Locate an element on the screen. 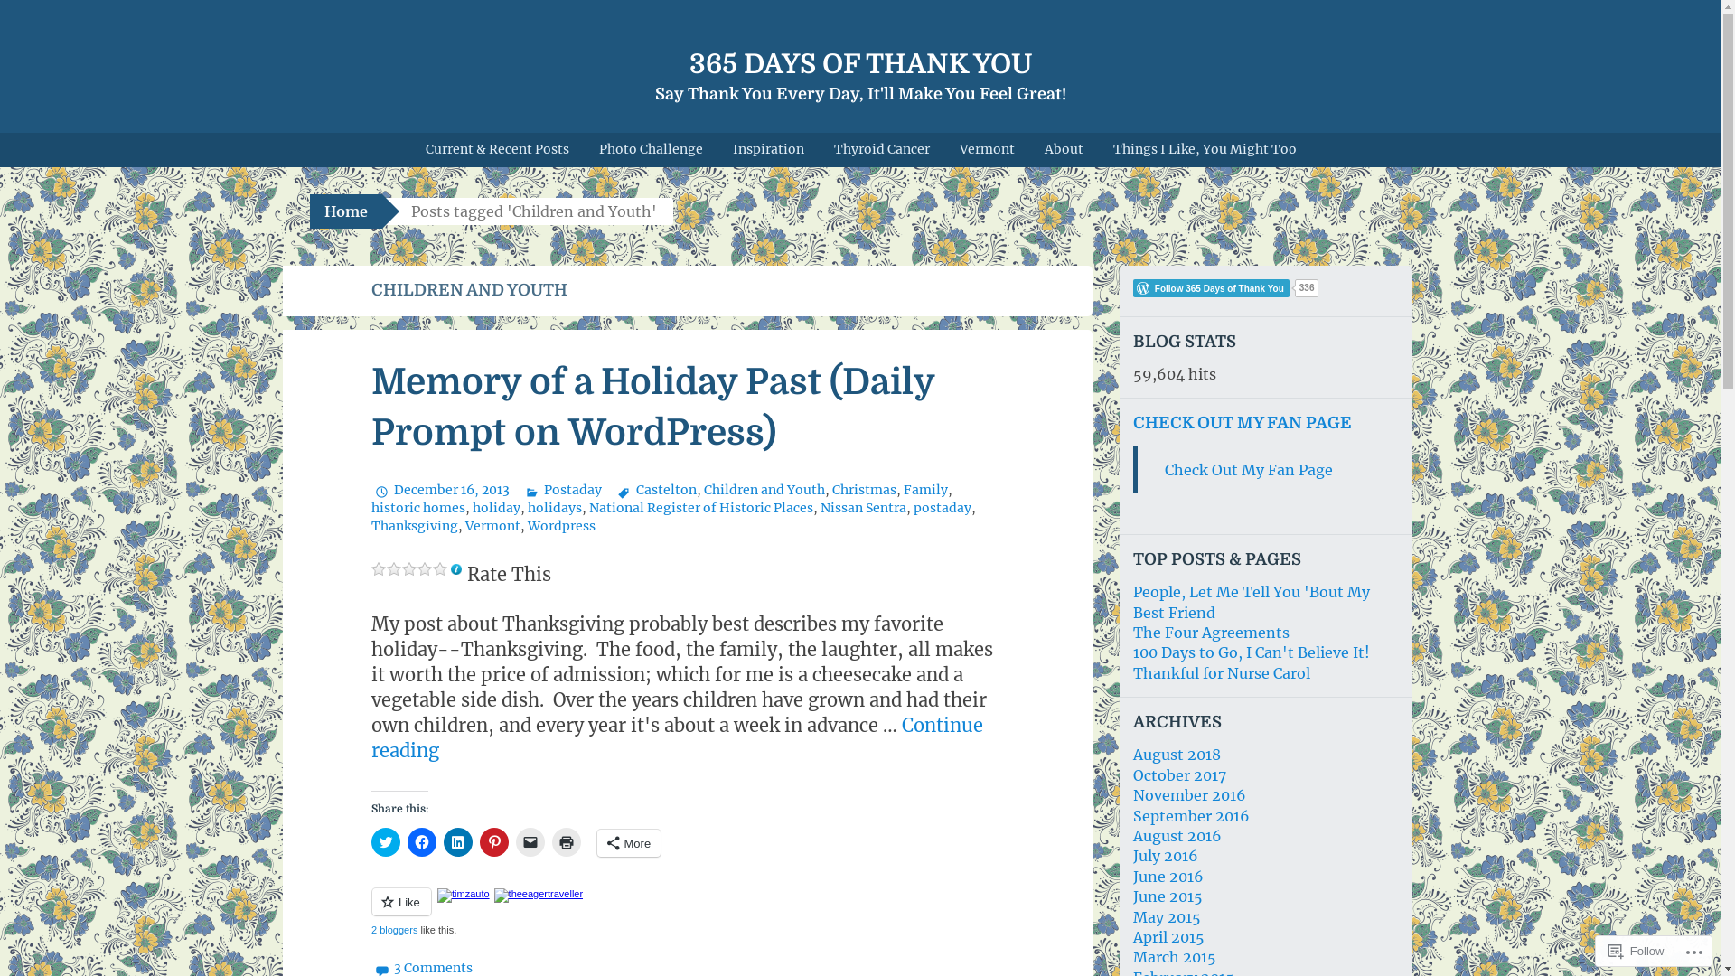 This screenshot has height=976, width=1735. 'Click to share on Facebook (Opens in new window)' is located at coordinates (406, 842).